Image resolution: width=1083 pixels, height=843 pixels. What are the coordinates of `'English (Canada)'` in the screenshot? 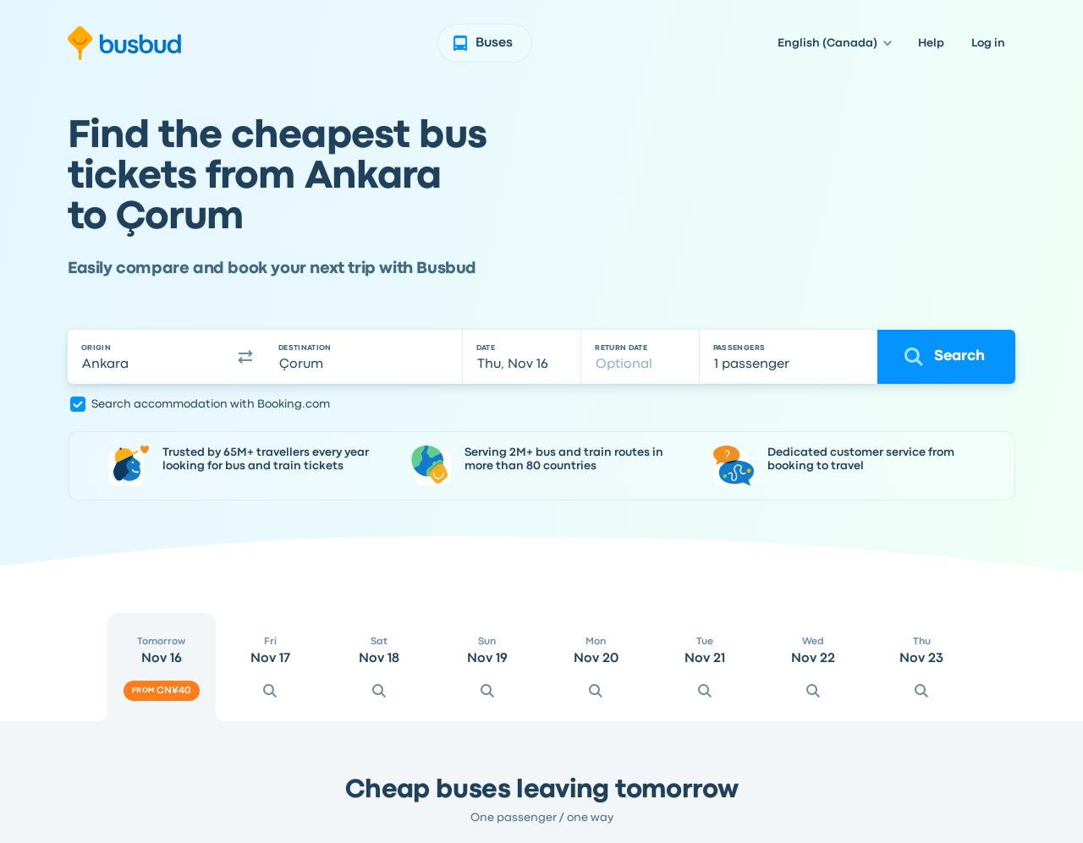 It's located at (827, 42).